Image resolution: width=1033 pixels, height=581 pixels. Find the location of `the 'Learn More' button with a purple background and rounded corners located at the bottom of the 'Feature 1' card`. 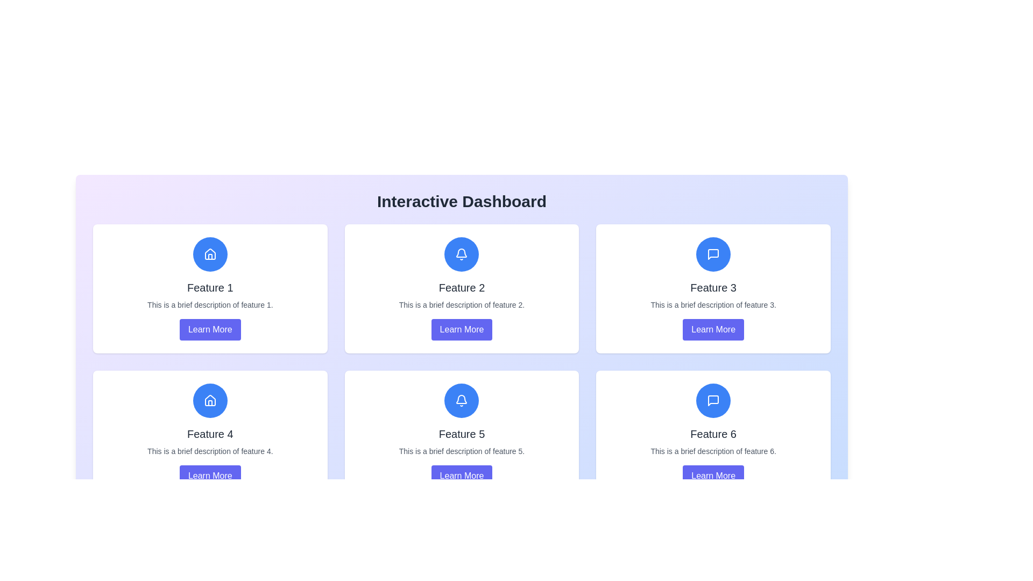

the 'Learn More' button with a purple background and rounded corners located at the bottom of the 'Feature 1' card is located at coordinates (210, 329).